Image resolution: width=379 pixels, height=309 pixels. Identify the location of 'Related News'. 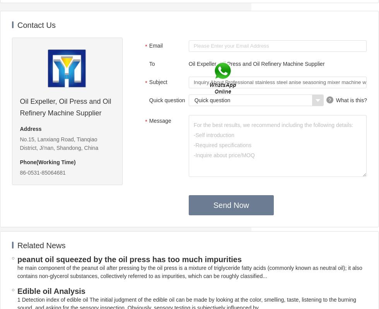
(41, 245).